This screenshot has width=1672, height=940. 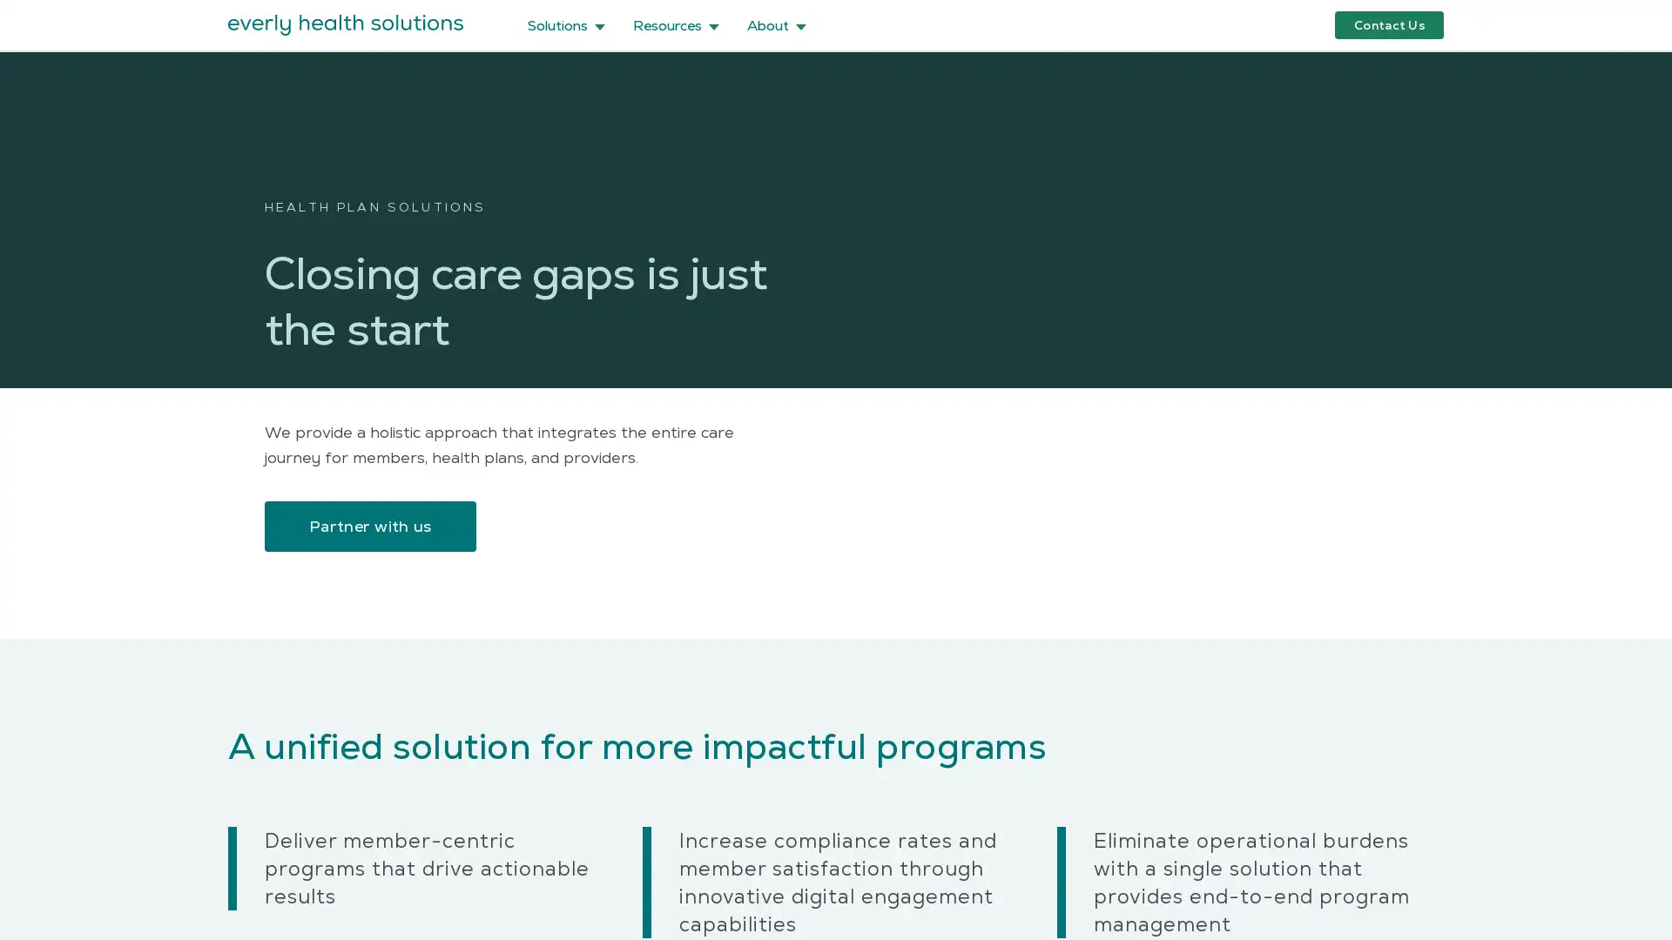 I want to click on Resources Caret icon for dropdown menu, so click(x=675, y=24).